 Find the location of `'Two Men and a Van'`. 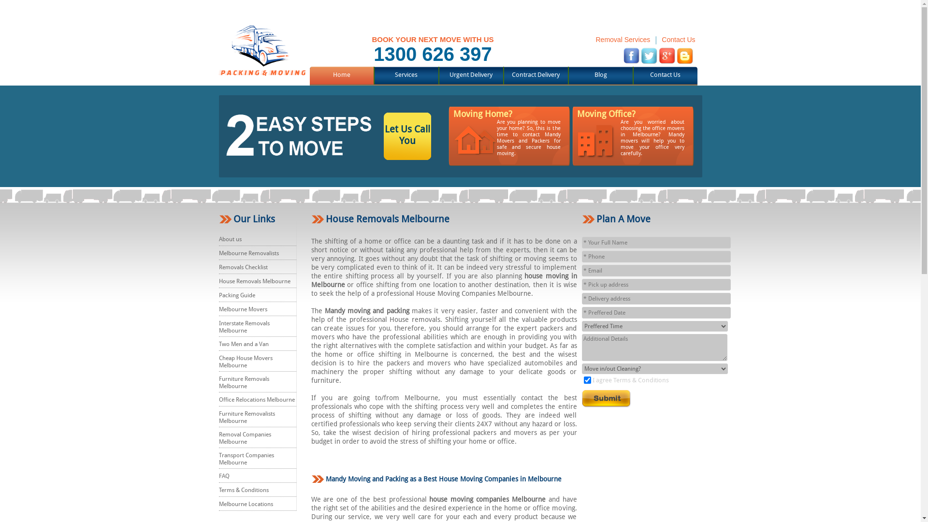

'Two Men and a Van' is located at coordinates (243, 344).